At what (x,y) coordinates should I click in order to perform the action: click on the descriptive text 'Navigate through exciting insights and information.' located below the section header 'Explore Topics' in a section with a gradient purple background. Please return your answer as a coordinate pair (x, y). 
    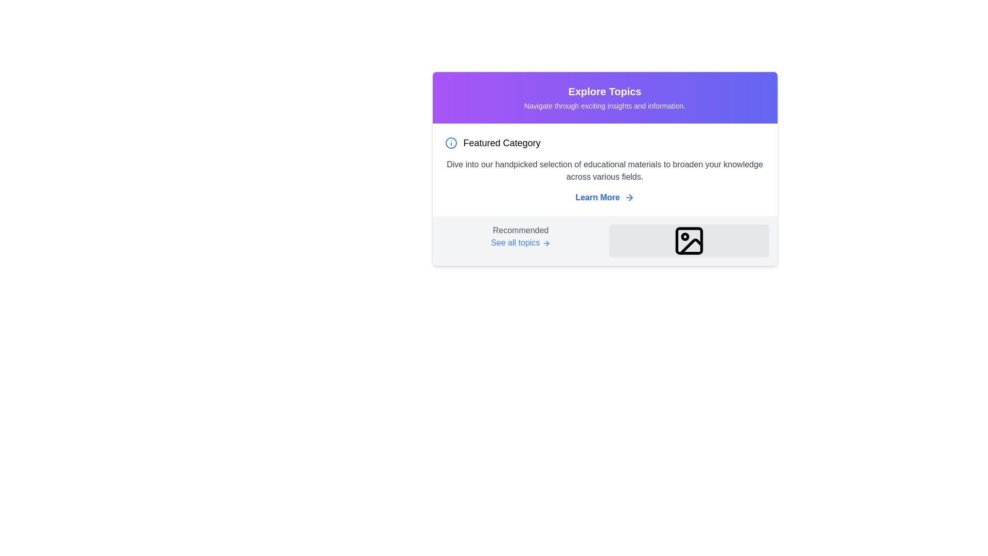
    Looking at the image, I should click on (605, 106).